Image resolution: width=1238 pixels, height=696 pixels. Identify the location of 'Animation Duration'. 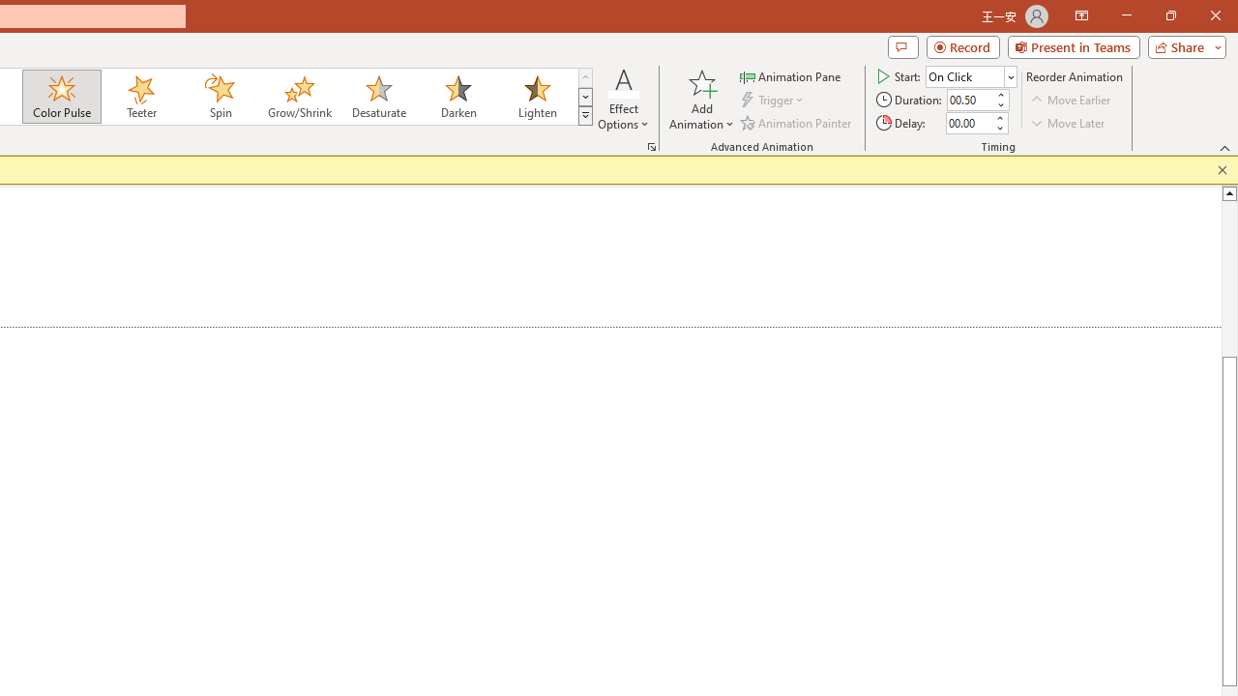
(970, 100).